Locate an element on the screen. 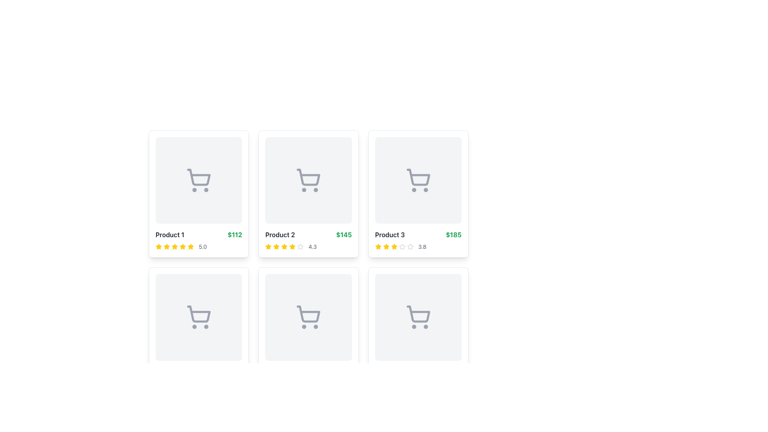 The height and width of the screenshot is (432, 768). the shopping cart icon, which is a modern, minimalistic outline icon located in the second row, first column of the product grid layout is located at coordinates (199, 317).